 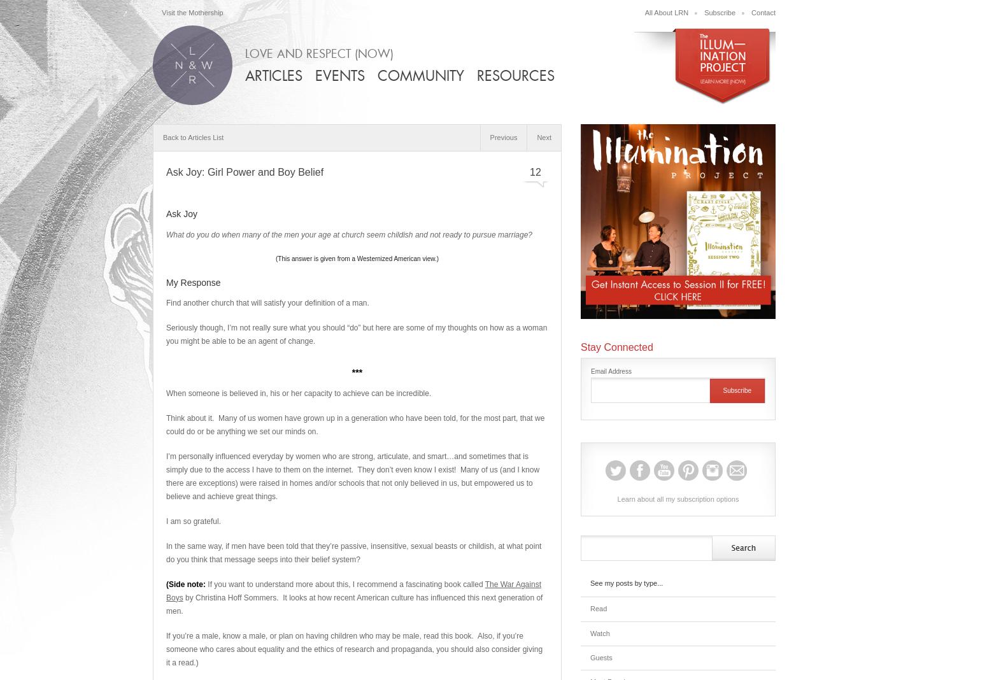 What do you see at coordinates (267, 303) in the screenshot?
I see `'Find another church that will satisfy your definition of a man.'` at bounding box center [267, 303].